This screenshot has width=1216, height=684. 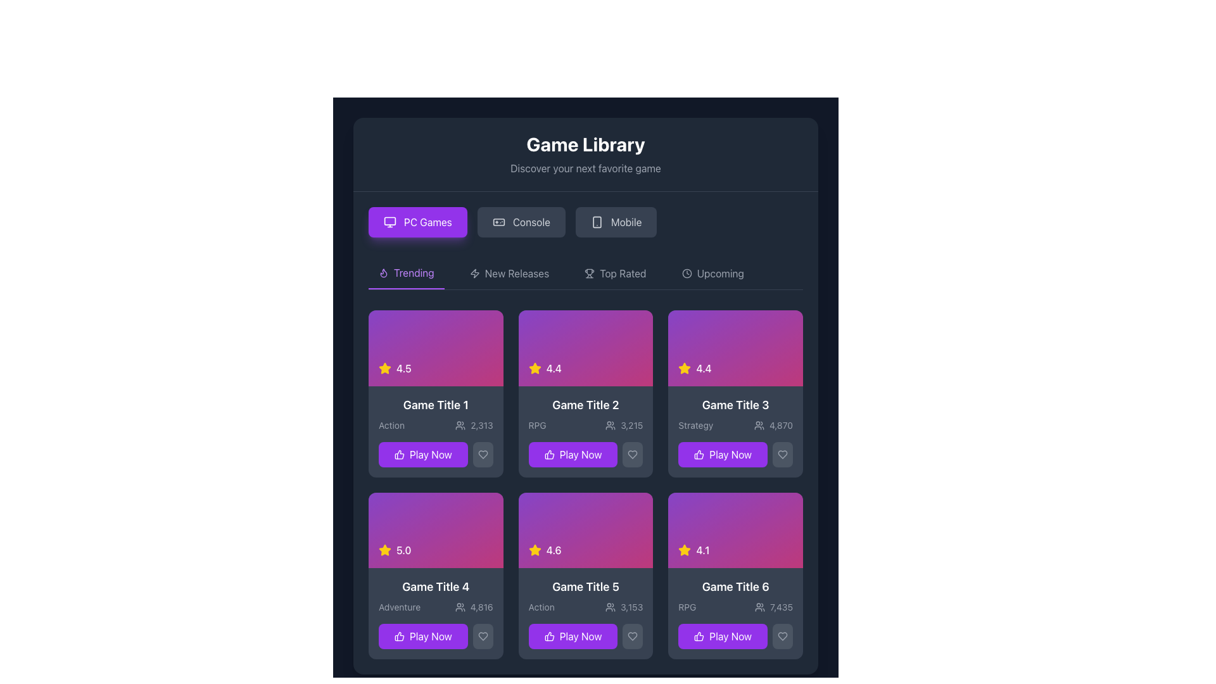 What do you see at coordinates (406, 273) in the screenshot?
I see `the 'Trending' button, which is the first item in the horizontal navigation menu below the 'Game Library' title` at bounding box center [406, 273].